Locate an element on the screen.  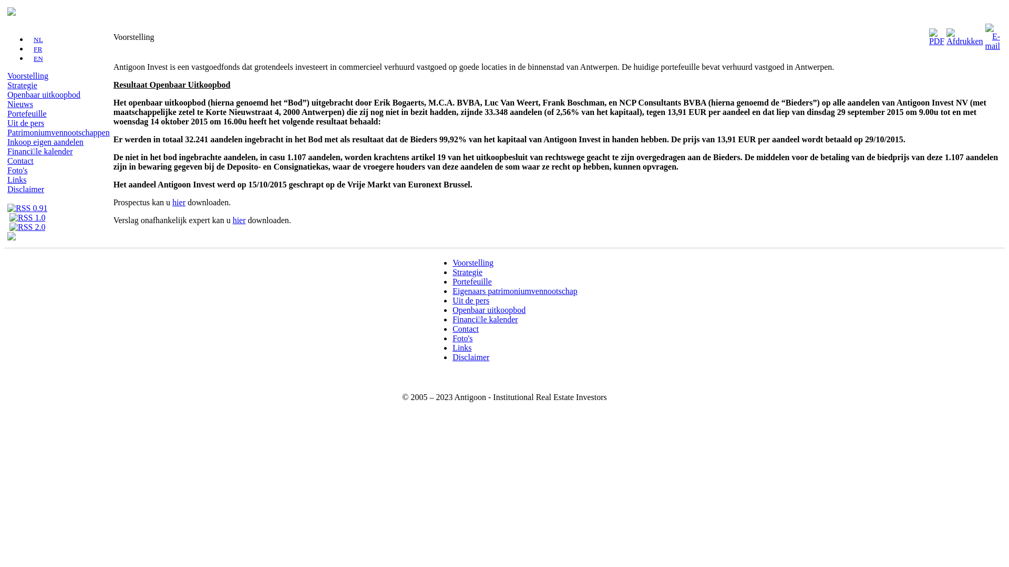
'NL' is located at coordinates (35, 39).